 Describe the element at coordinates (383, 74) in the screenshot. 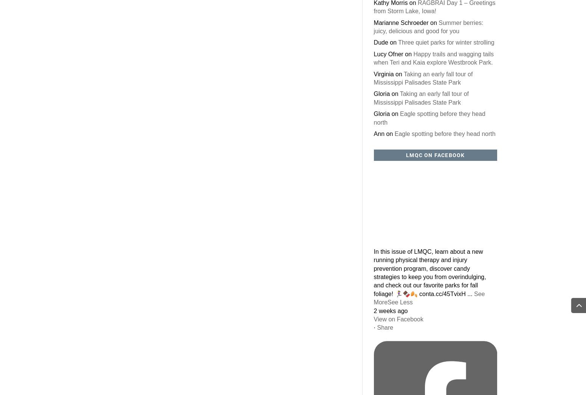

I see `'Virginia'` at that location.